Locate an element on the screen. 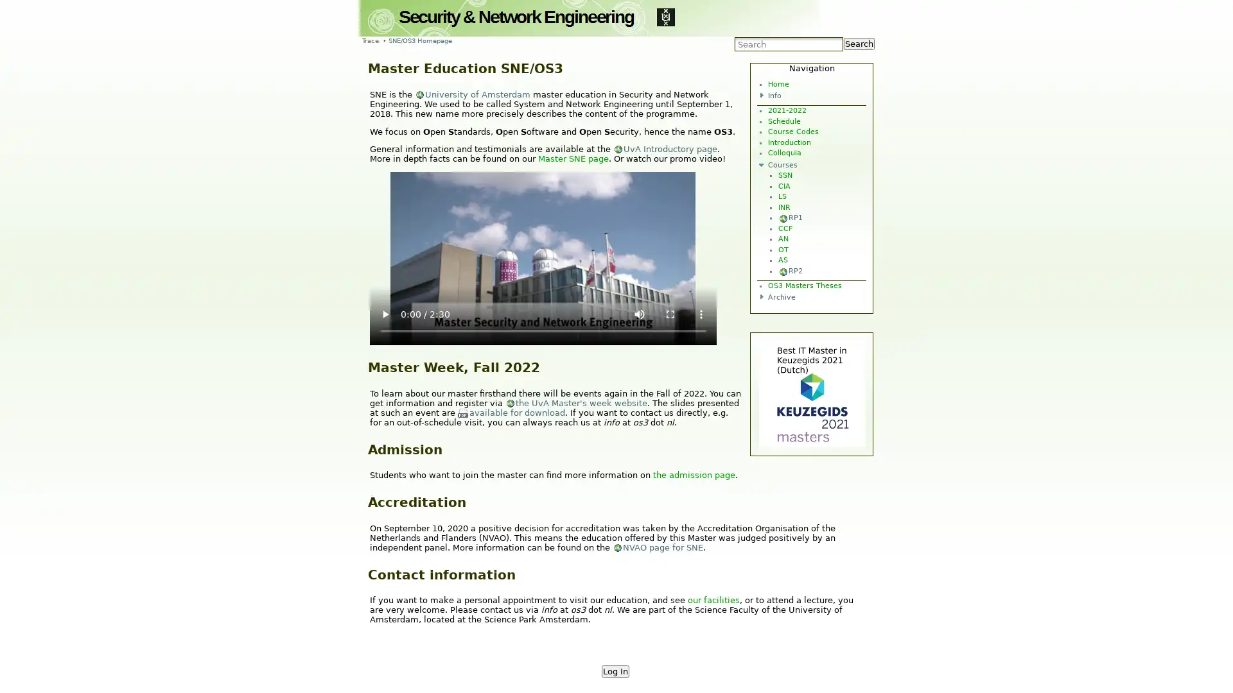 The image size is (1233, 693). mute is located at coordinates (638, 314).